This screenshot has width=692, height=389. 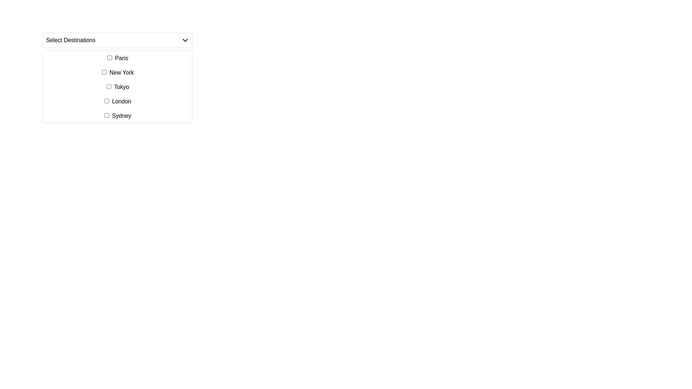 What do you see at coordinates (121, 115) in the screenshot?
I see `the text label 'Sydney' which is the fifth option in a dropdown menu, providing a description for the associated checkbox` at bounding box center [121, 115].